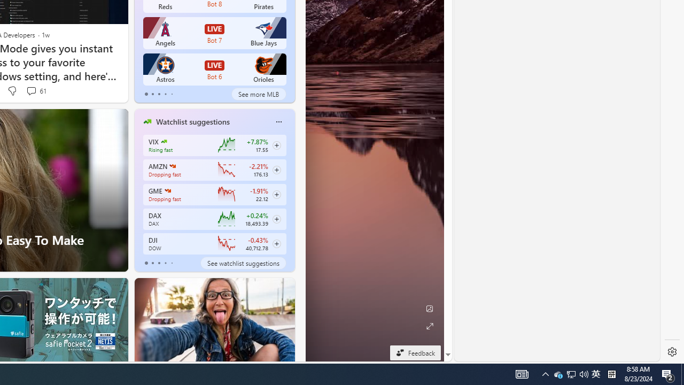 This screenshot has height=385, width=684. I want to click on 'View comments 61 Comment', so click(36, 90).